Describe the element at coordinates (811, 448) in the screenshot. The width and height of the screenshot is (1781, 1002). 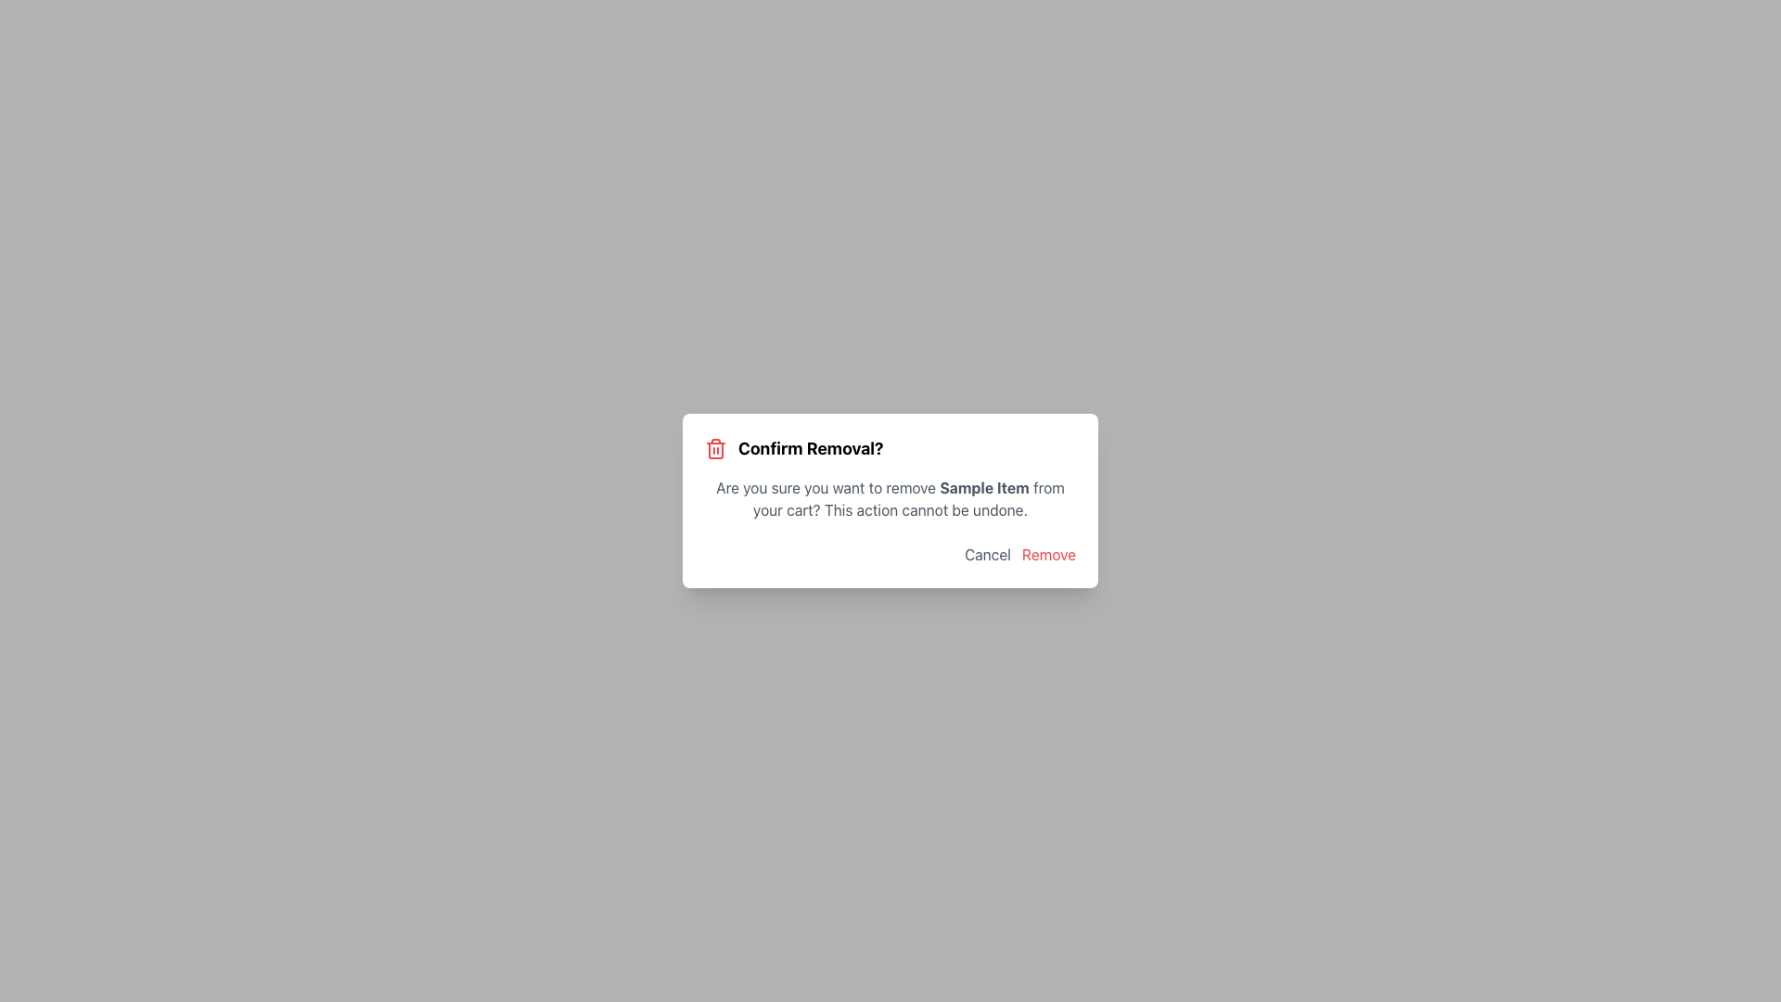
I see `the bold, black text label that reads 'Confirm Removal?' located in the top-left corner of the white dialog box, adjacent to a red trash can icon` at that location.